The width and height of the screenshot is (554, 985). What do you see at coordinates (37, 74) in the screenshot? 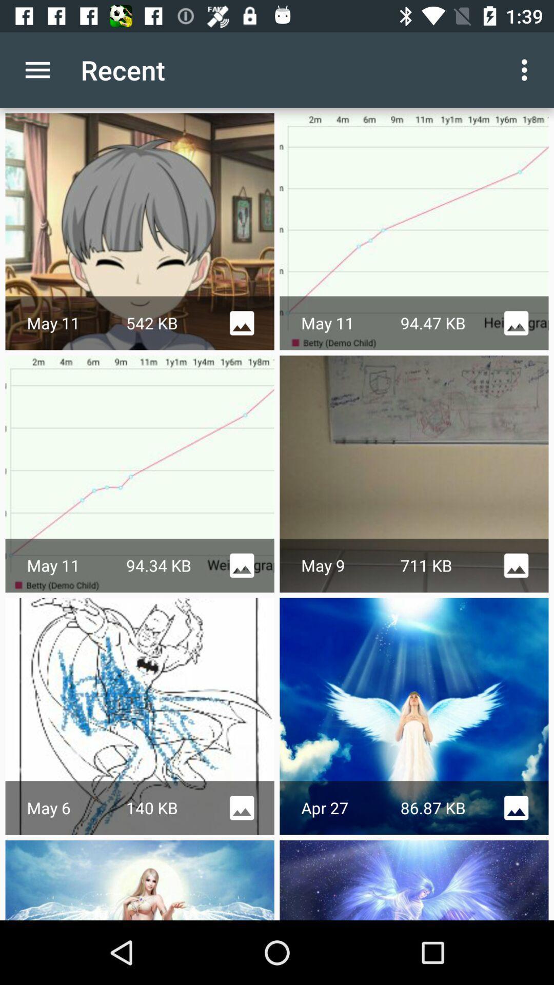
I see `the menu icon` at bounding box center [37, 74].